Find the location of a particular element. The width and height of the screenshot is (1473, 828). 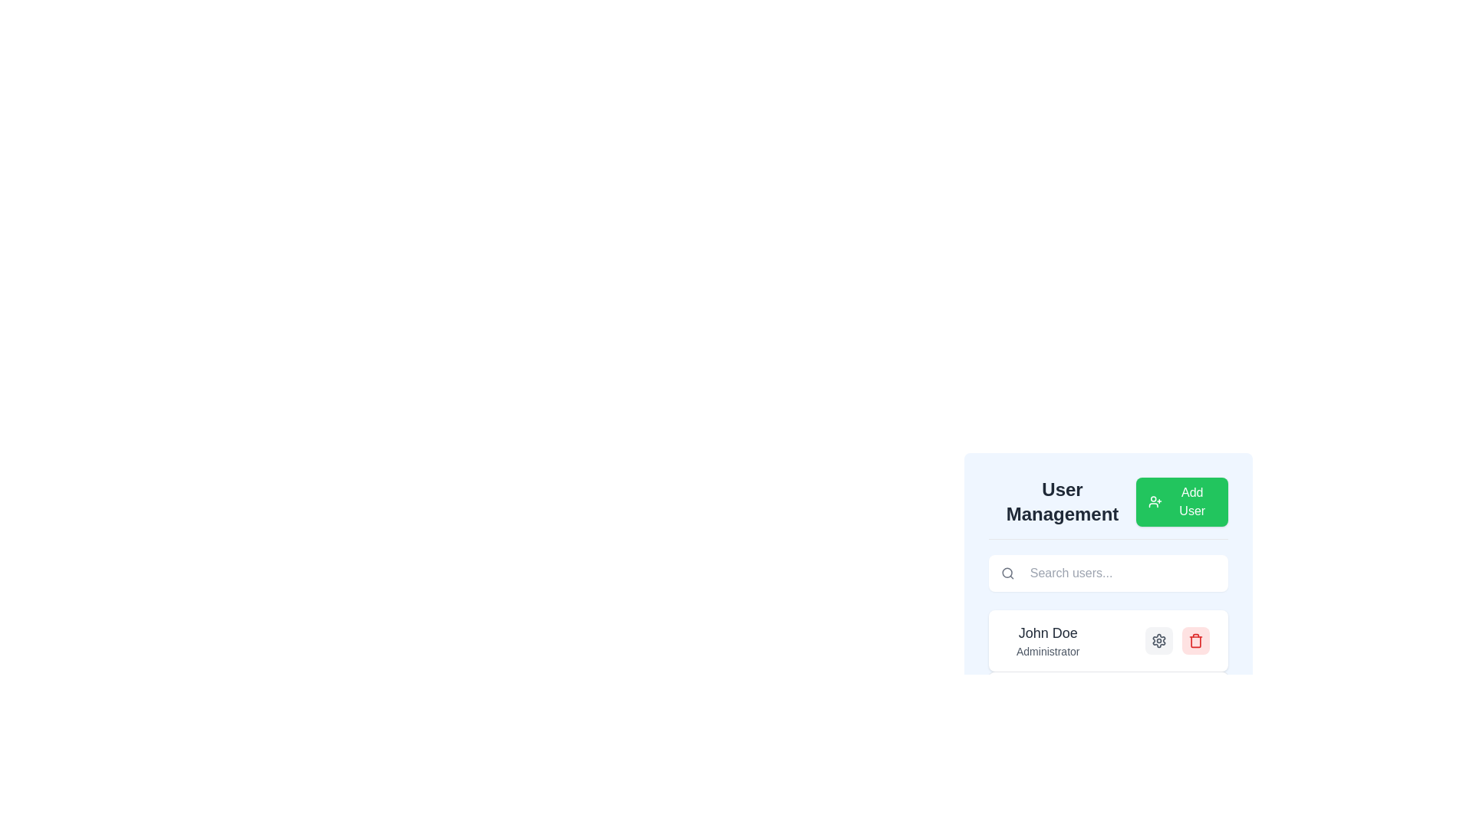

the search icon located at the leftmost part of the search bar section, adjacent to the placeholder 'Search users...' is located at coordinates (1007, 573).